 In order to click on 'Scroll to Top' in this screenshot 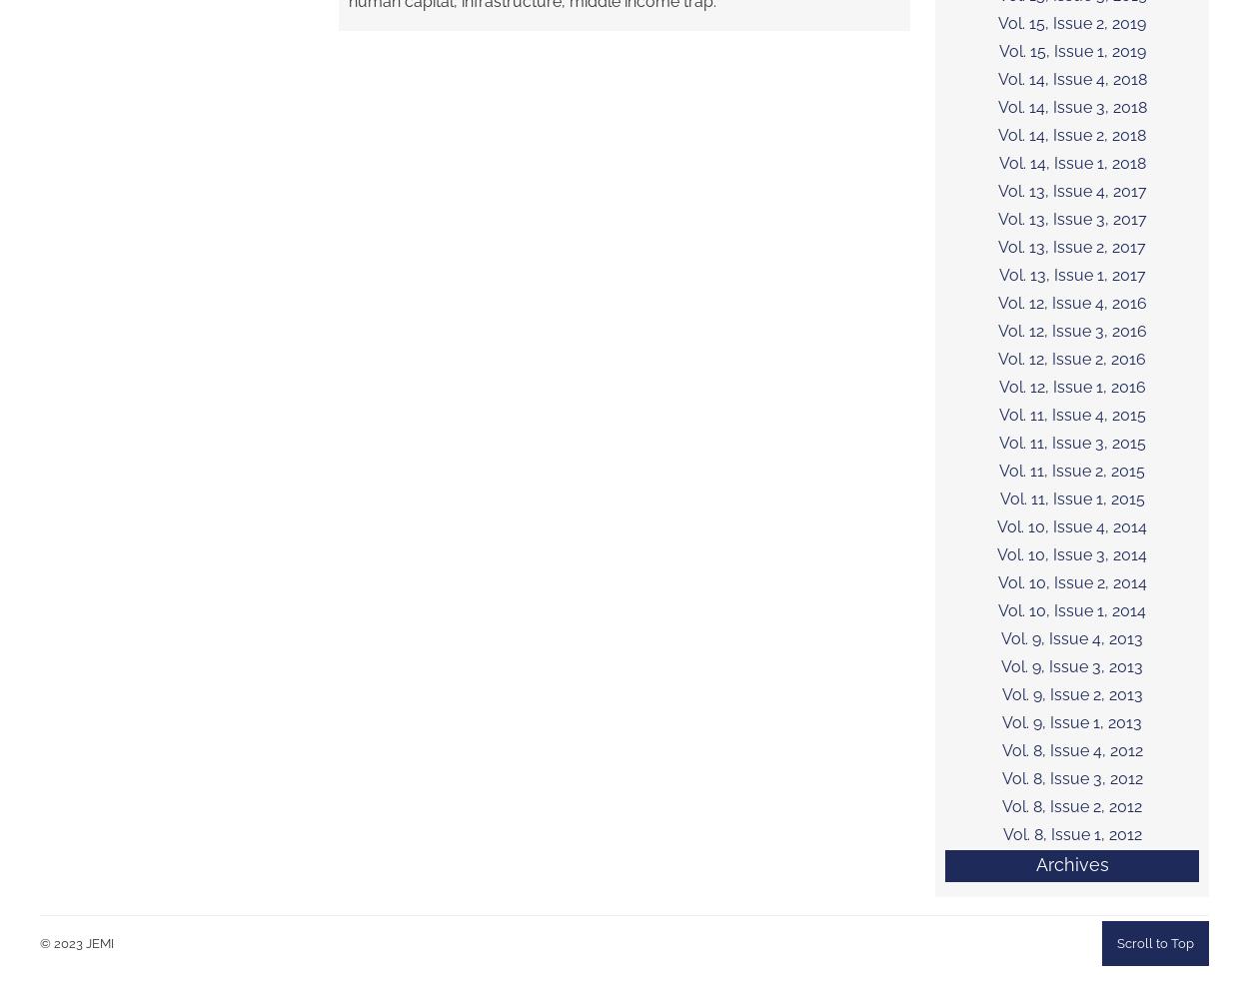, I will do `click(1155, 942)`.